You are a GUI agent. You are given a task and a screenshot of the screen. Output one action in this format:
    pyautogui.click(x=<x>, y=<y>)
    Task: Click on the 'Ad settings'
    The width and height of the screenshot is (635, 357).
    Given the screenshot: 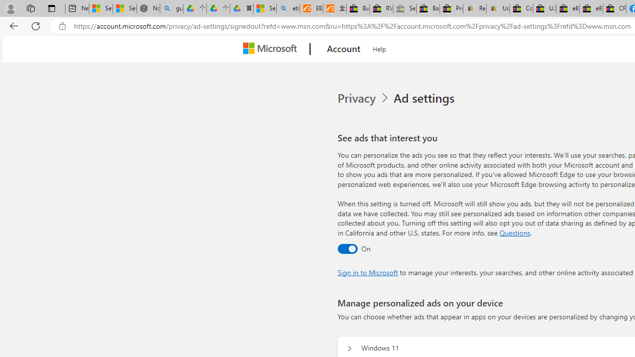 What is the action you would take?
    pyautogui.click(x=426, y=98)
    